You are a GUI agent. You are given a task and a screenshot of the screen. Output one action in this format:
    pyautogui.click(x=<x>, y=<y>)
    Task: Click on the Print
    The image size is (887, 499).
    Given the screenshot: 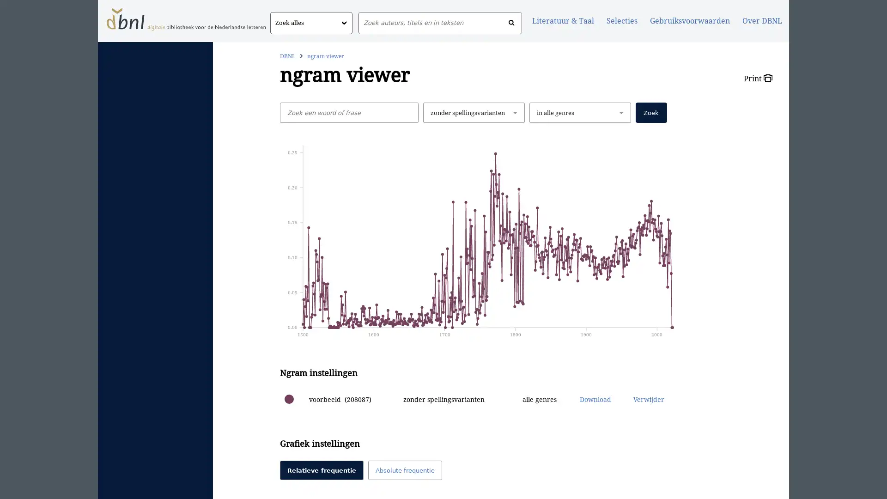 What is the action you would take?
    pyautogui.click(x=758, y=78)
    